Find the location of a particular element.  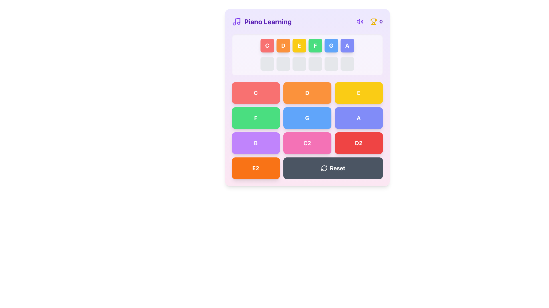

the prominent rectangular button with a dark gray background and the word 'Reset' in bold white text is located at coordinates (333, 168).